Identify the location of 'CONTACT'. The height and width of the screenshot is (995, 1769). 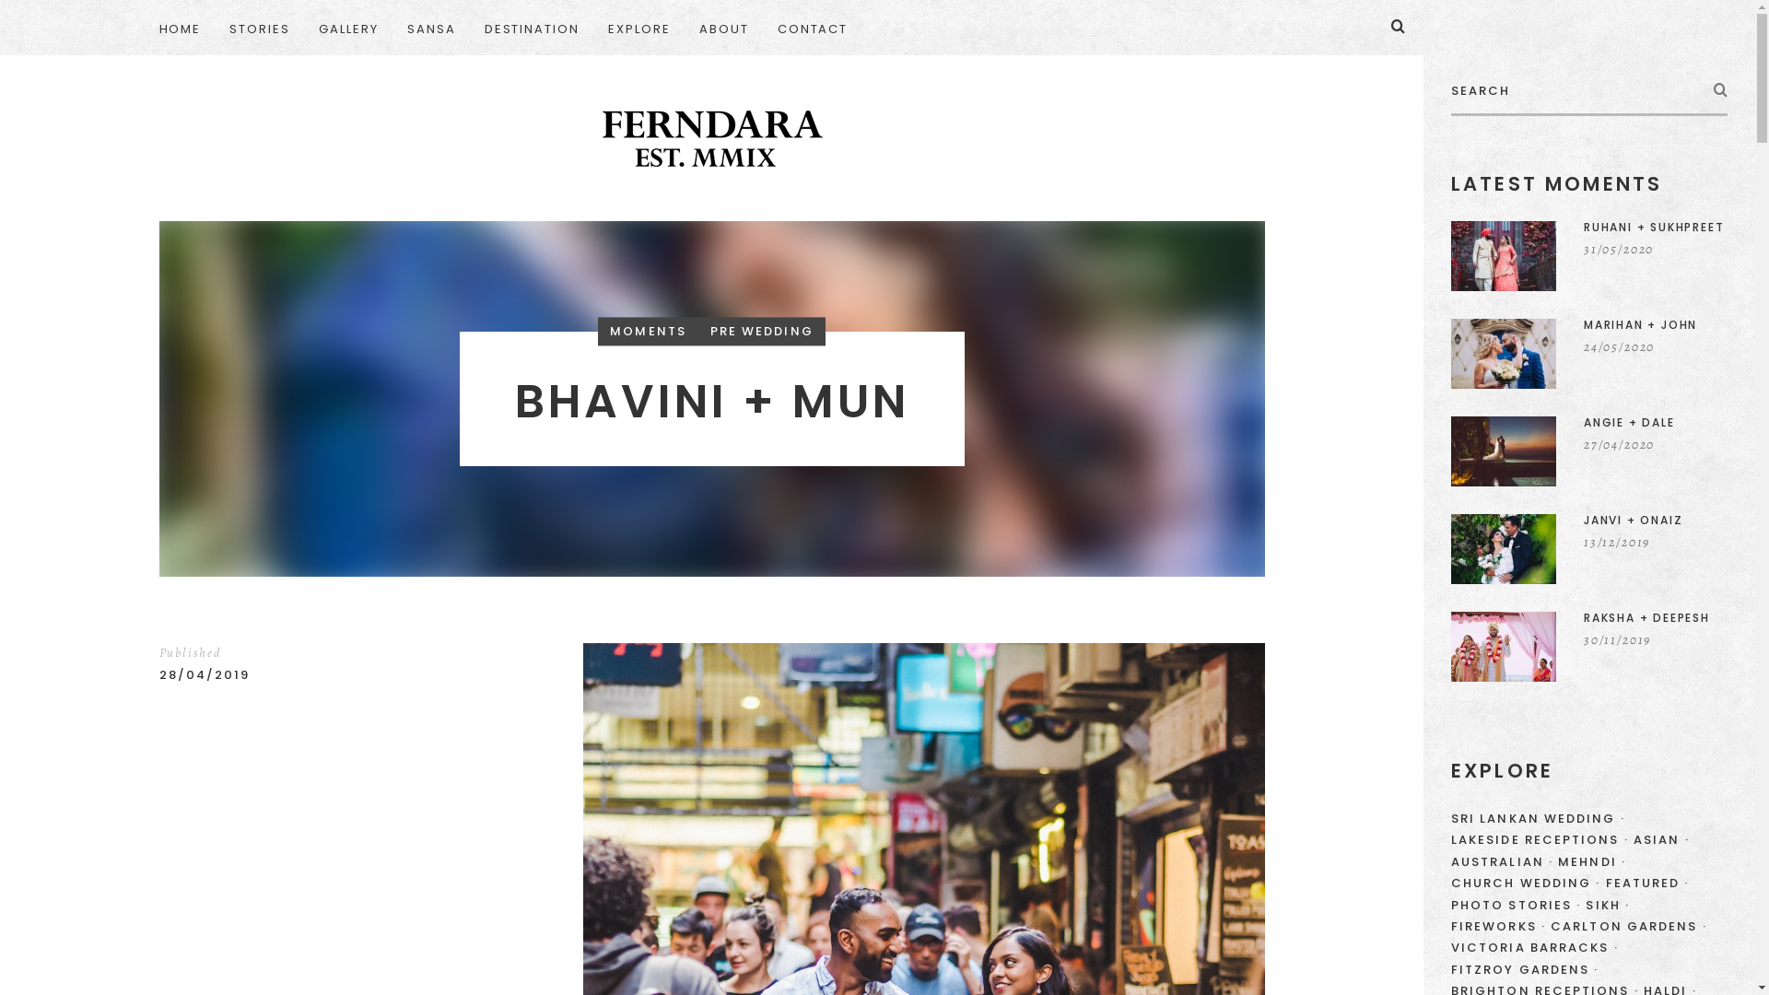
(812, 28).